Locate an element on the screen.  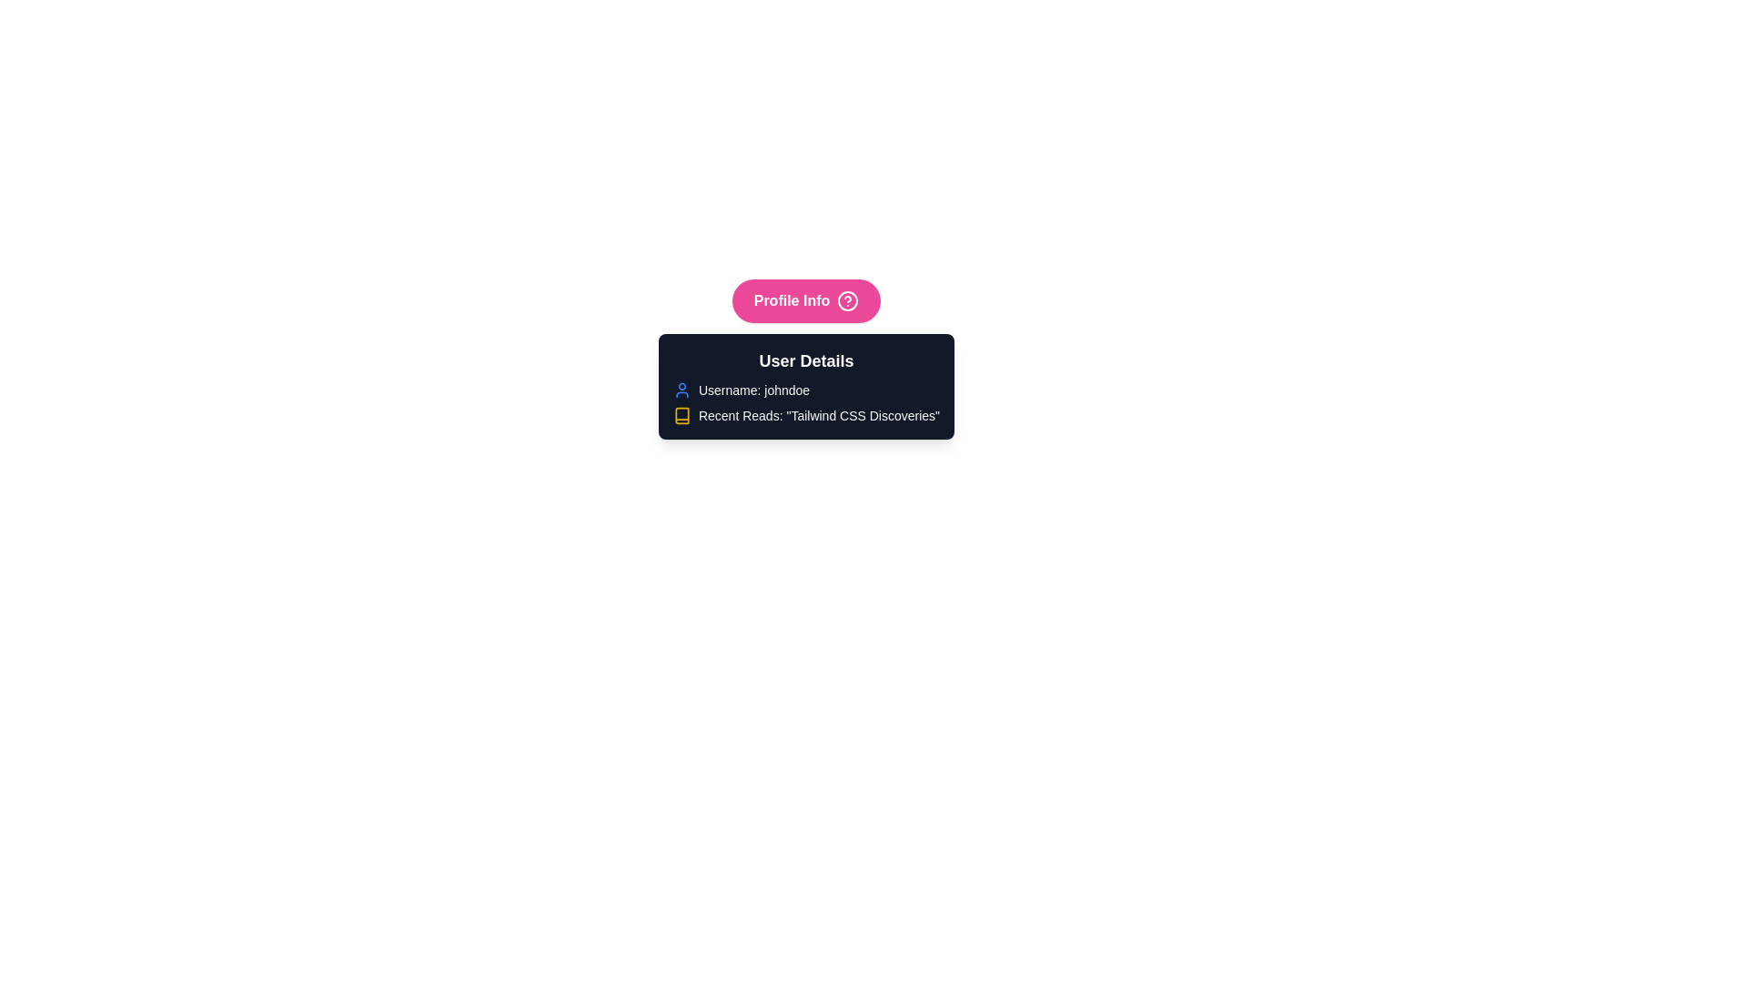
the help icon located on the right side inside the pink 'Profile Info' button is located at coordinates (847, 300).